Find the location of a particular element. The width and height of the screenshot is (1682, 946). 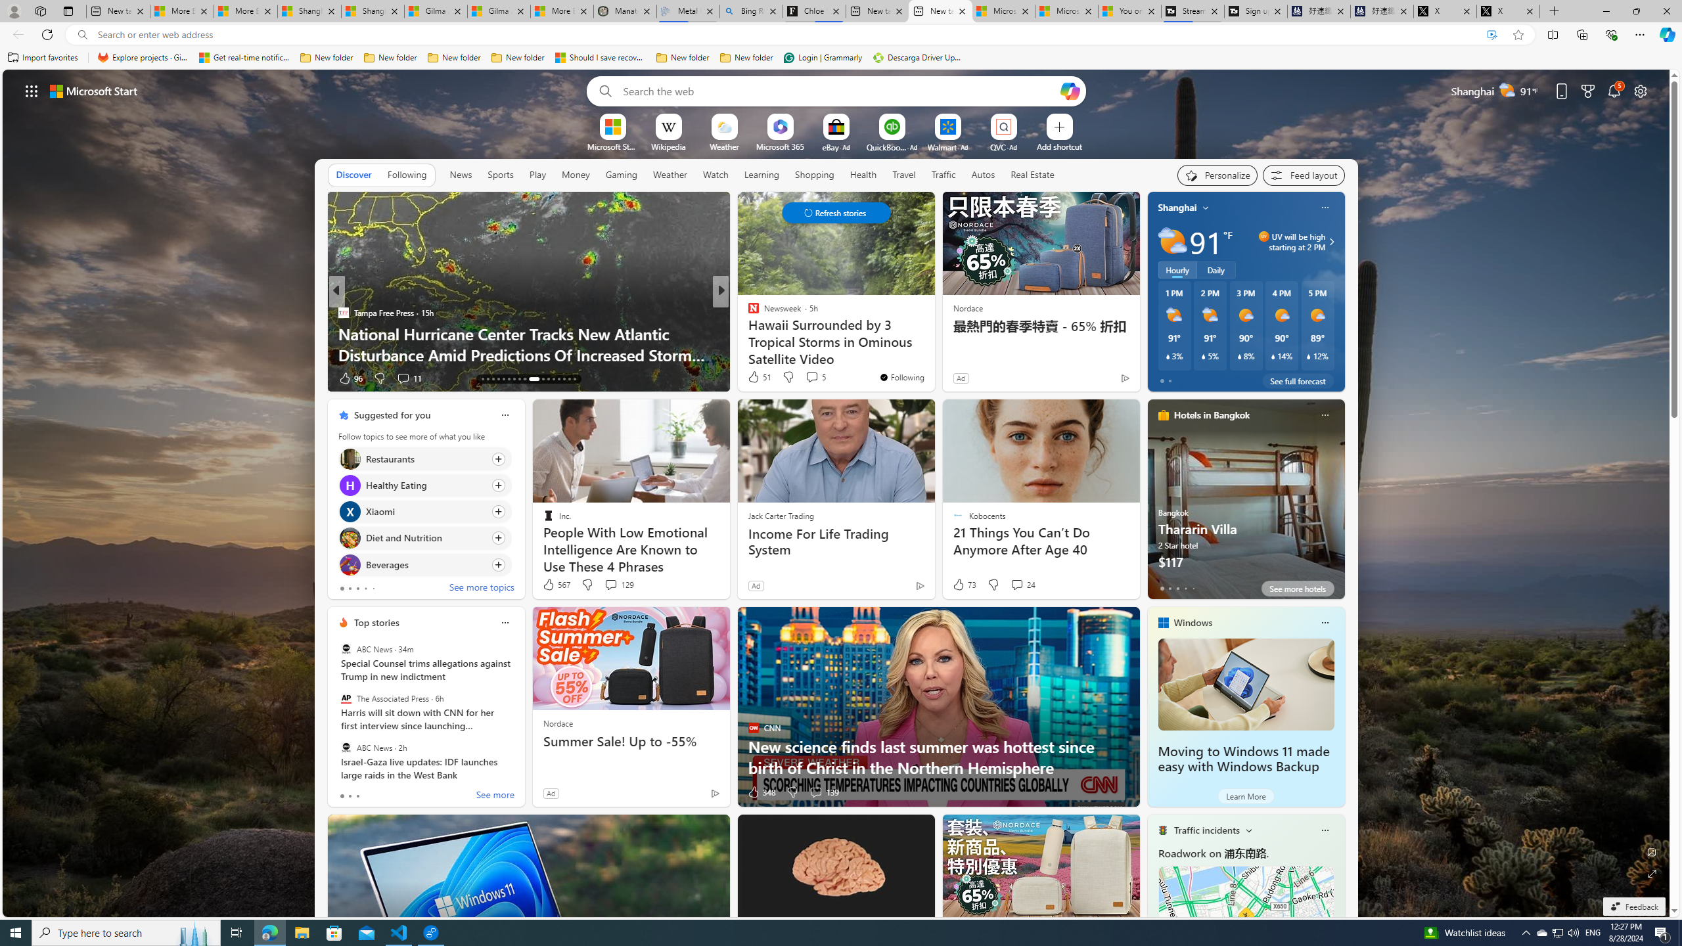

'Page settings' is located at coordinates (1640, 90).